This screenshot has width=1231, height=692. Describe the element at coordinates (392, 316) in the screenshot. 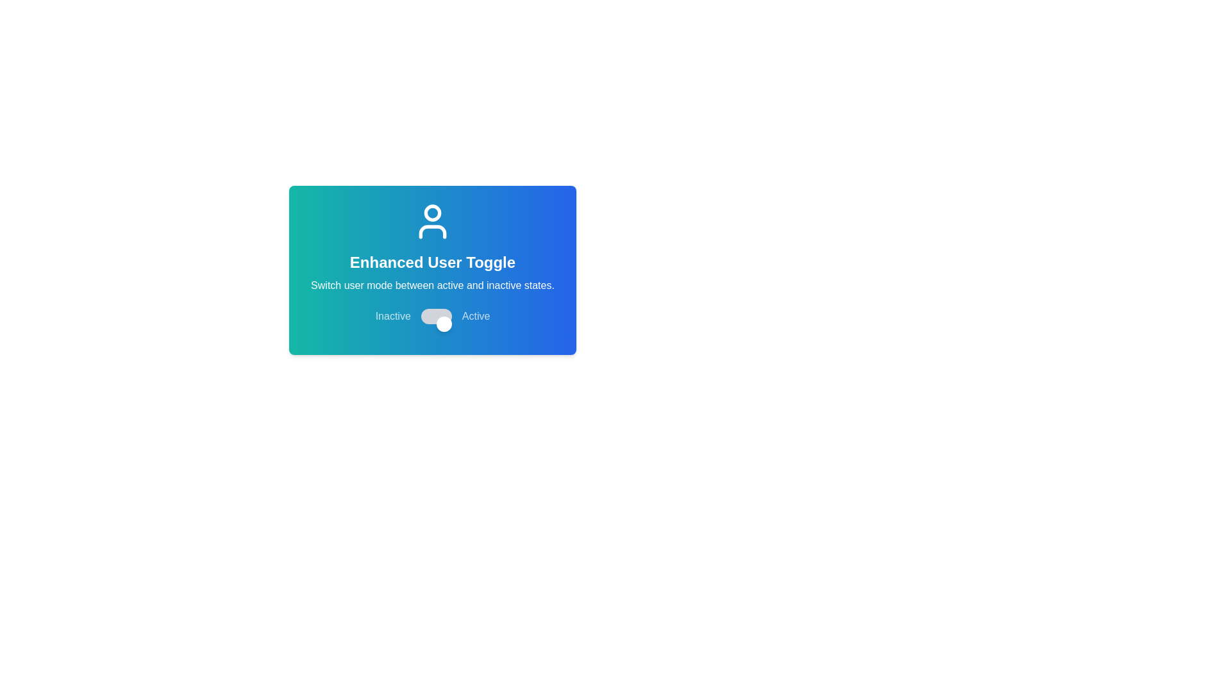

I see `the text label that reads 'Inactive', which is slightly faded and positioned to the left of the toggle switch` at that location.